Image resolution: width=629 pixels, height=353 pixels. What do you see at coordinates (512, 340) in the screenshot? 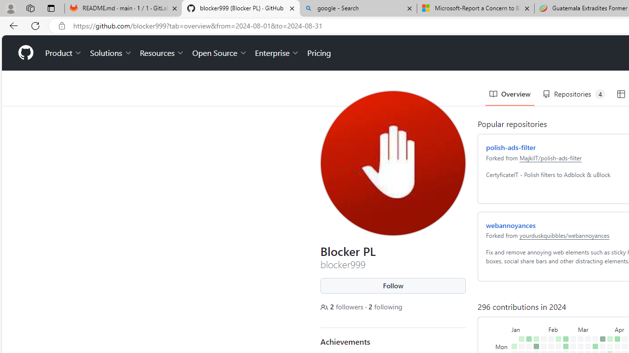
I see `'No contributions on January 5th.'` at bounding box center [512, 340].